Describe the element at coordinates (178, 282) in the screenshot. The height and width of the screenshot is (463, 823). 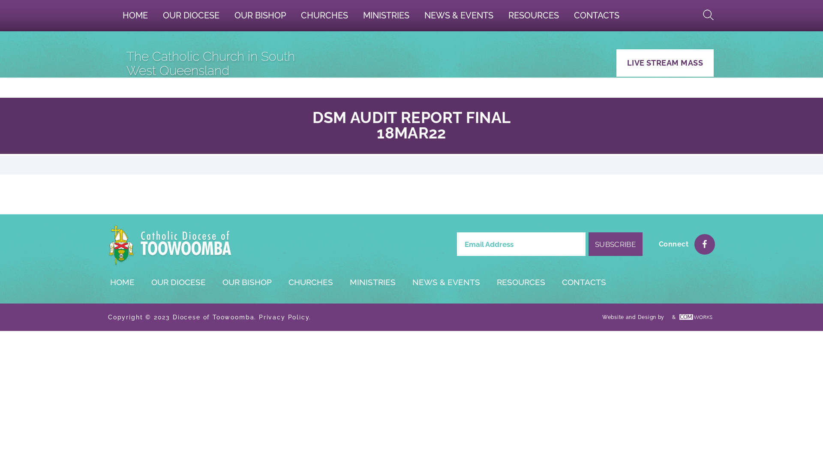
I see `'OUR DIOCESE'` at that location.